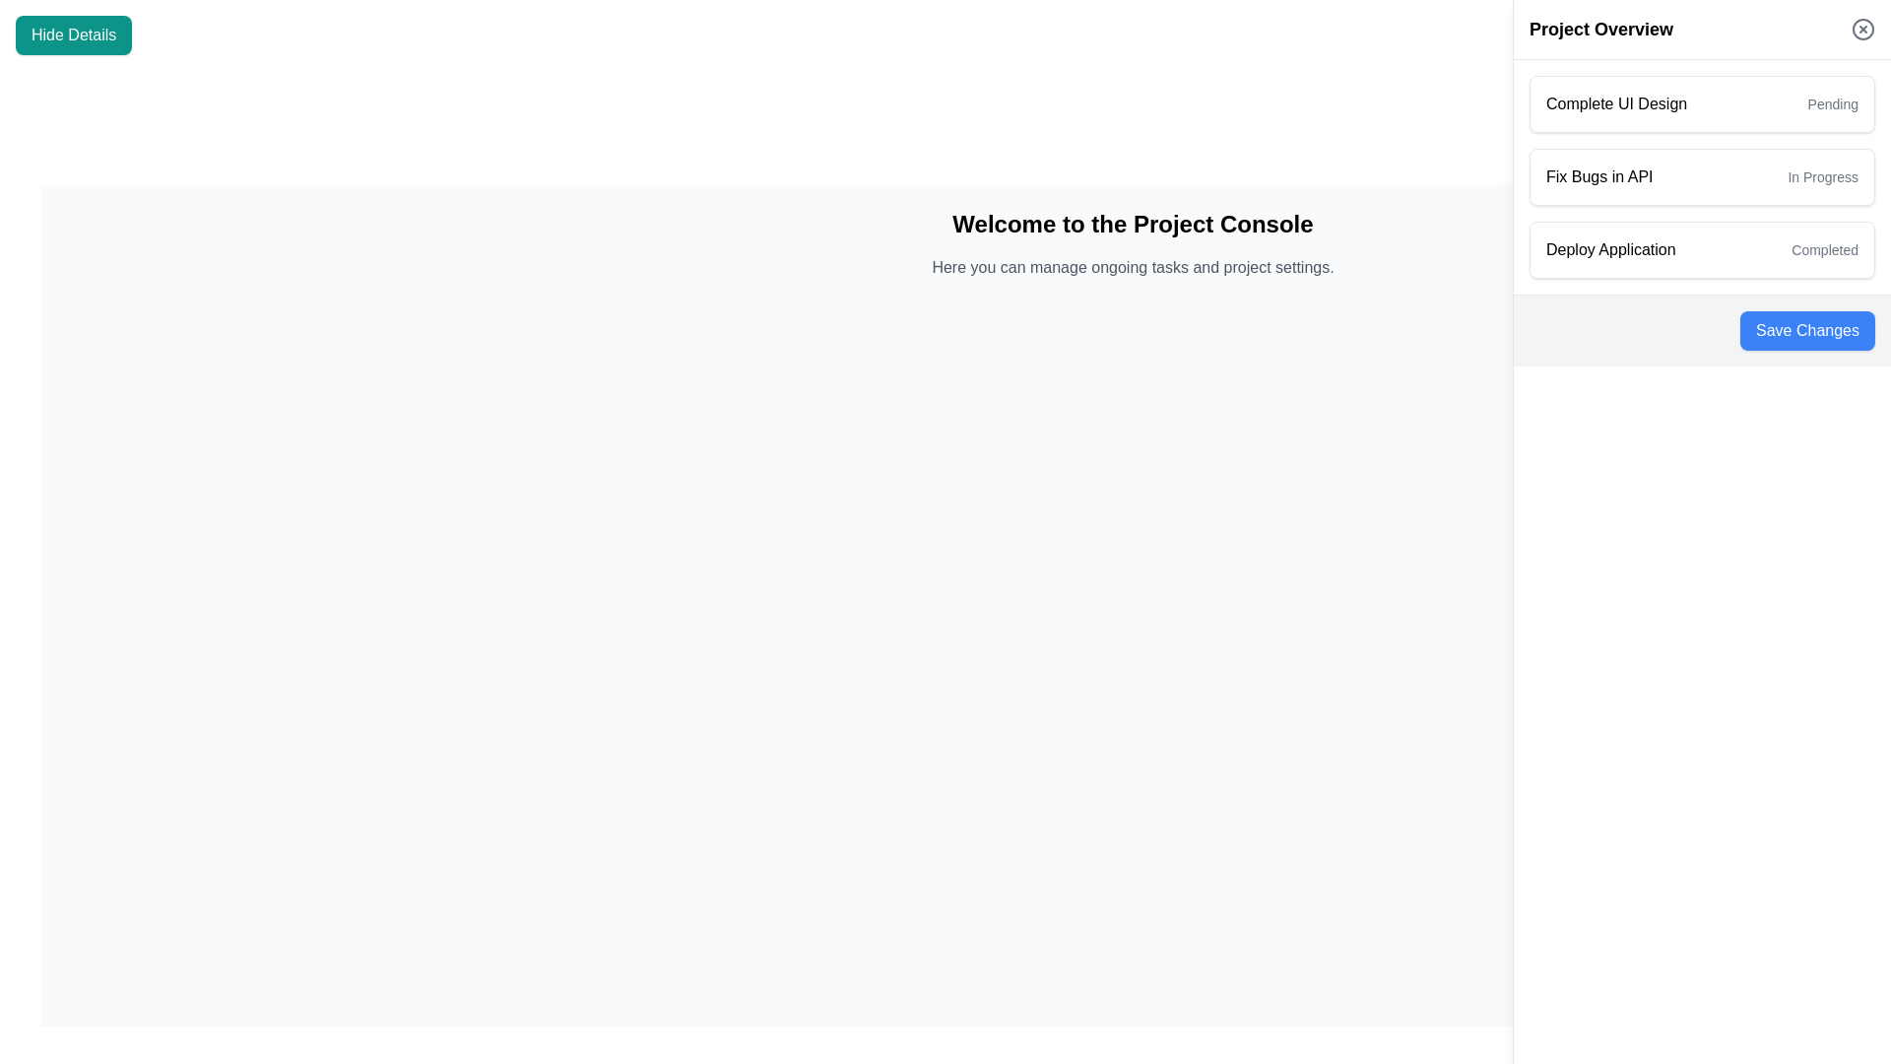  What do you see at coordinates (1822, 177) in the screenshot?
I see `the status indicator label showing 'In Progress' for the task 'Fix Bugs in API' in the 'Project Overview' section` at bounding box center [1822, 177].